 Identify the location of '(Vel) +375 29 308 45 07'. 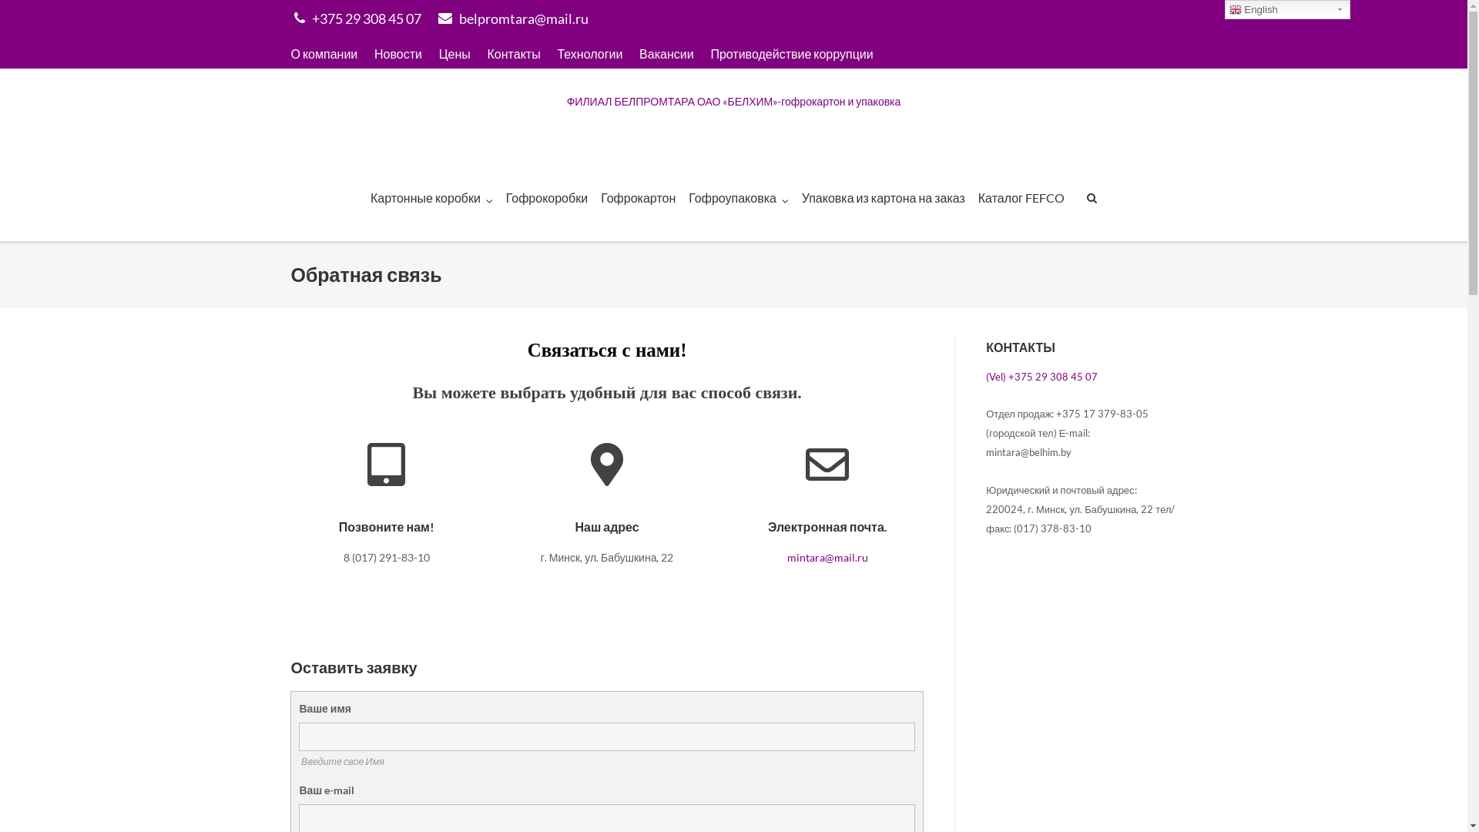
(1041, 377).